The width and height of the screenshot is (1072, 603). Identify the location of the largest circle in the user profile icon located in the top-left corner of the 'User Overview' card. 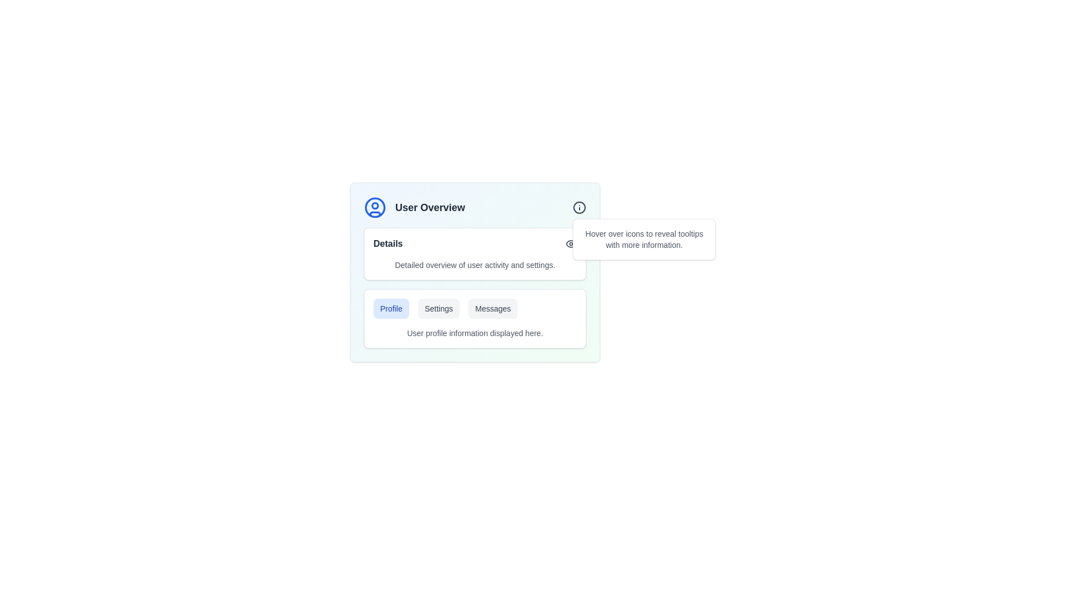
(375, 207).